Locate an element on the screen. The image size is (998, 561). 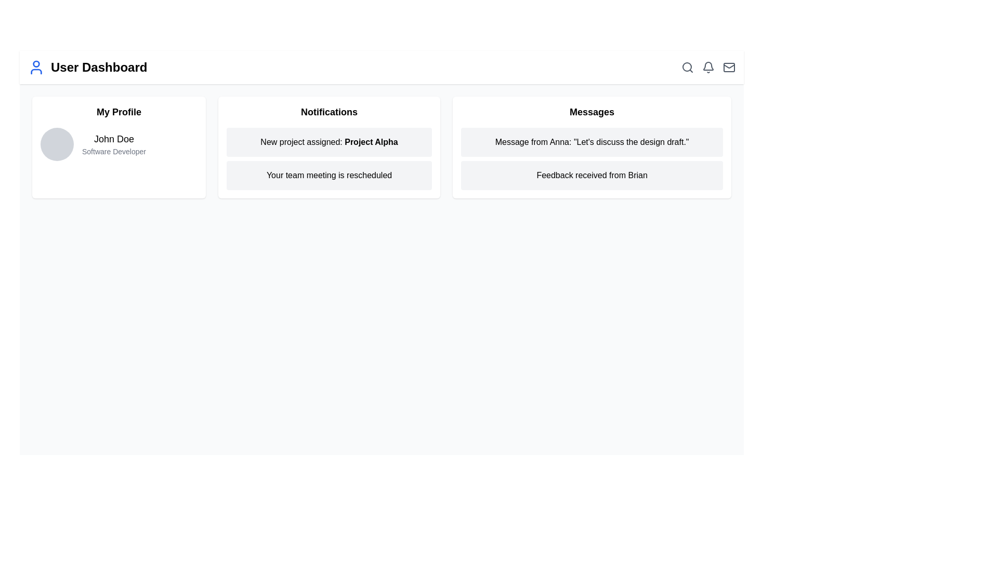
the circular component of the magnifying glass icon located in the top-right corner of the interface is located at coordinates (687, 66).